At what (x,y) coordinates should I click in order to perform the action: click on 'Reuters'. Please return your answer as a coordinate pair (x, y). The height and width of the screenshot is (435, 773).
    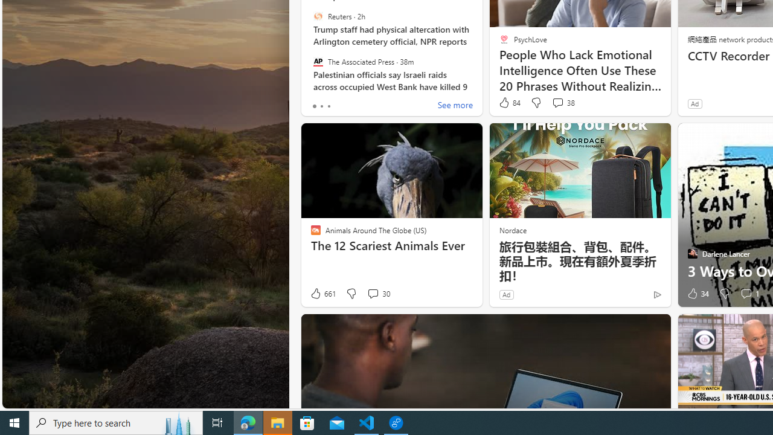
    Looking at the image, I should click on (318, 16).